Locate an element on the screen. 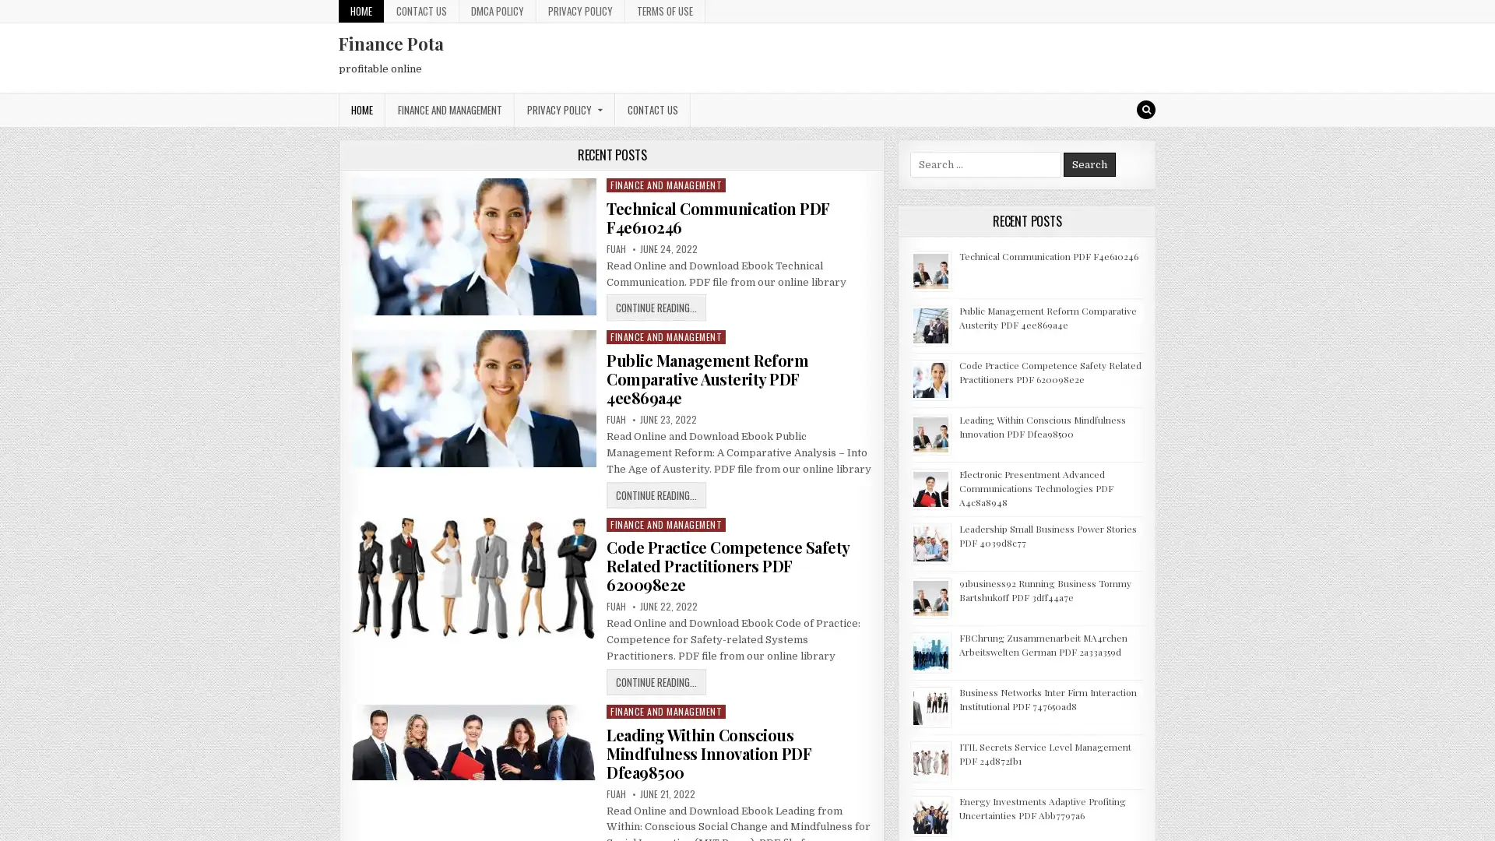 This screenshot has width=1495, height=841. Search is located at coordinates (1089, 164).